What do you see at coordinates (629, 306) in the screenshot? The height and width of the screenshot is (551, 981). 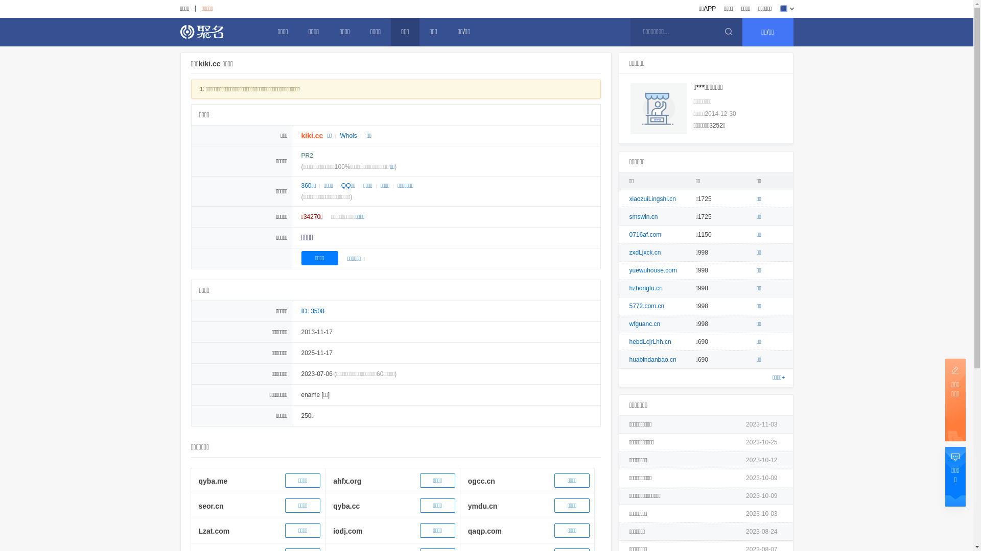 I see `'5772.com.cn'` at bounding box center [629, 306].